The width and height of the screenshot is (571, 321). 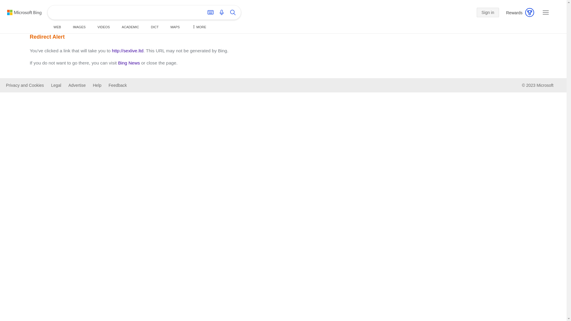 I want to click on 'Back to Bing search', so click(x=7, y=12).